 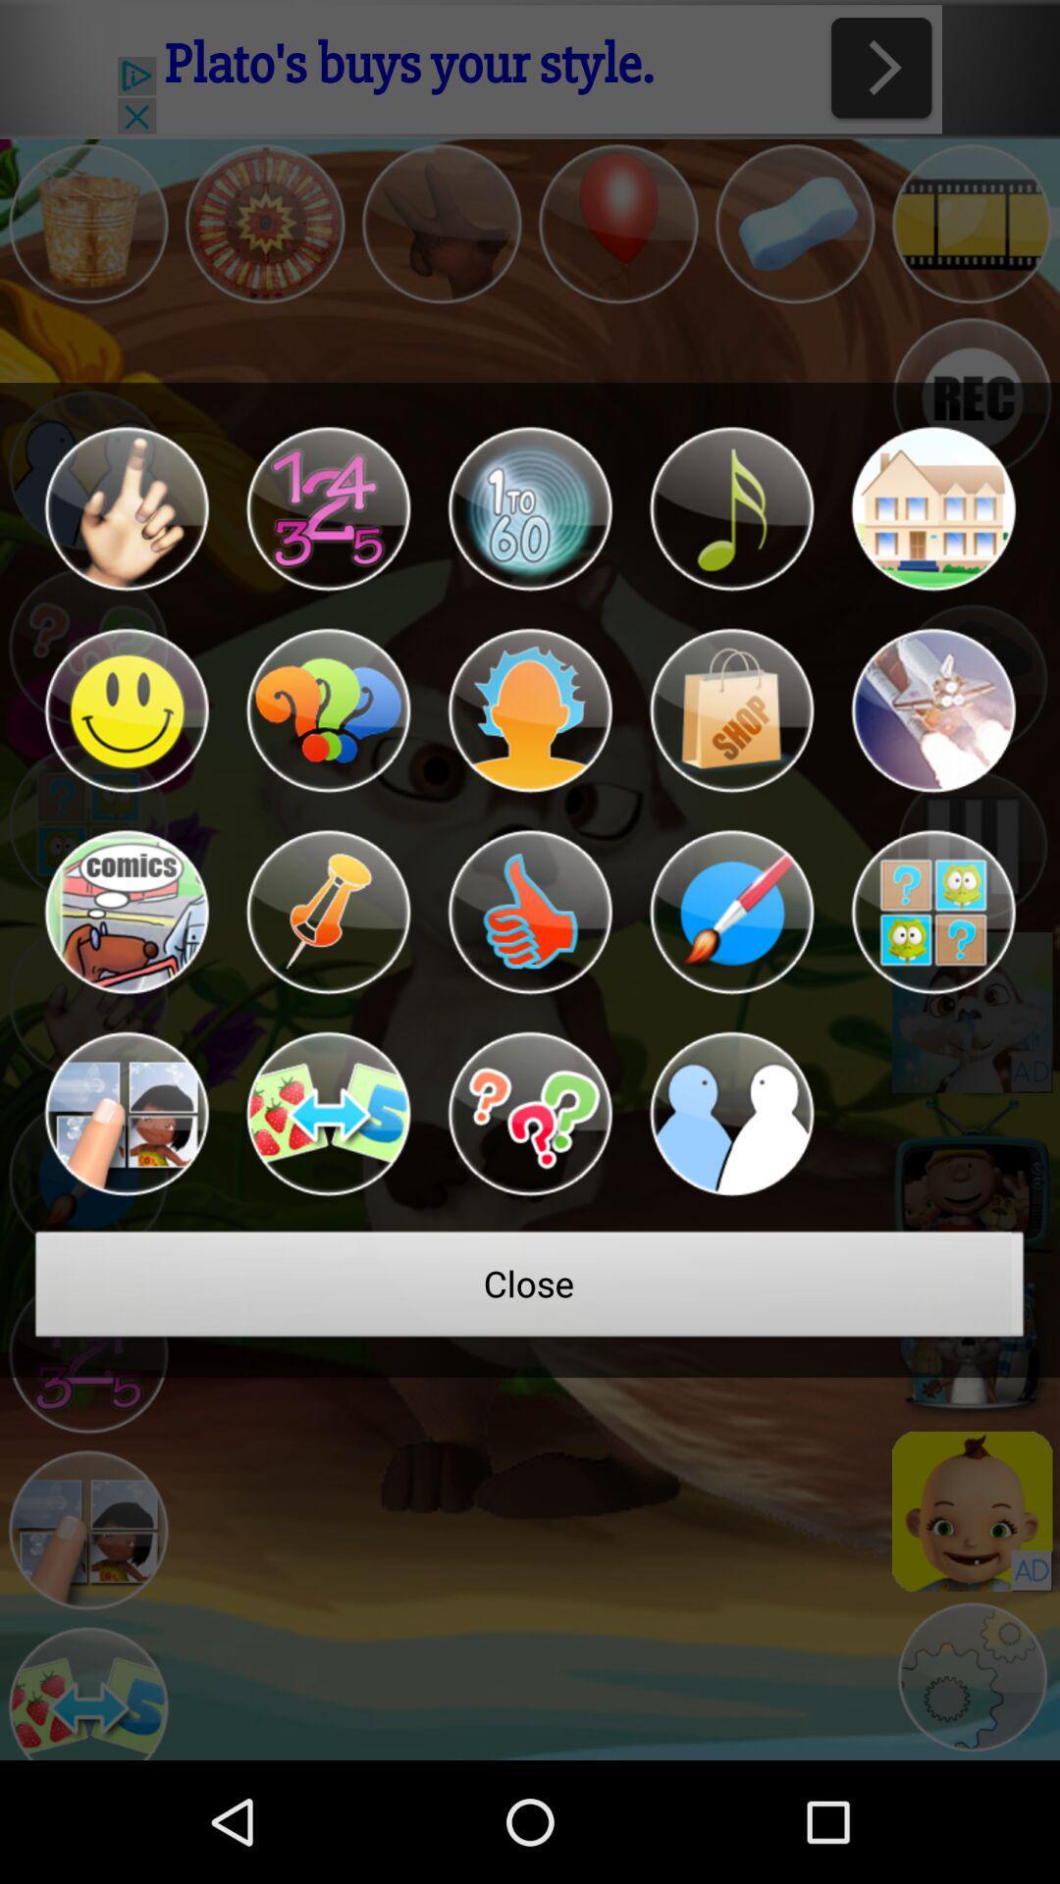 I want to click on the edit icon, so click(x=731, y=976).